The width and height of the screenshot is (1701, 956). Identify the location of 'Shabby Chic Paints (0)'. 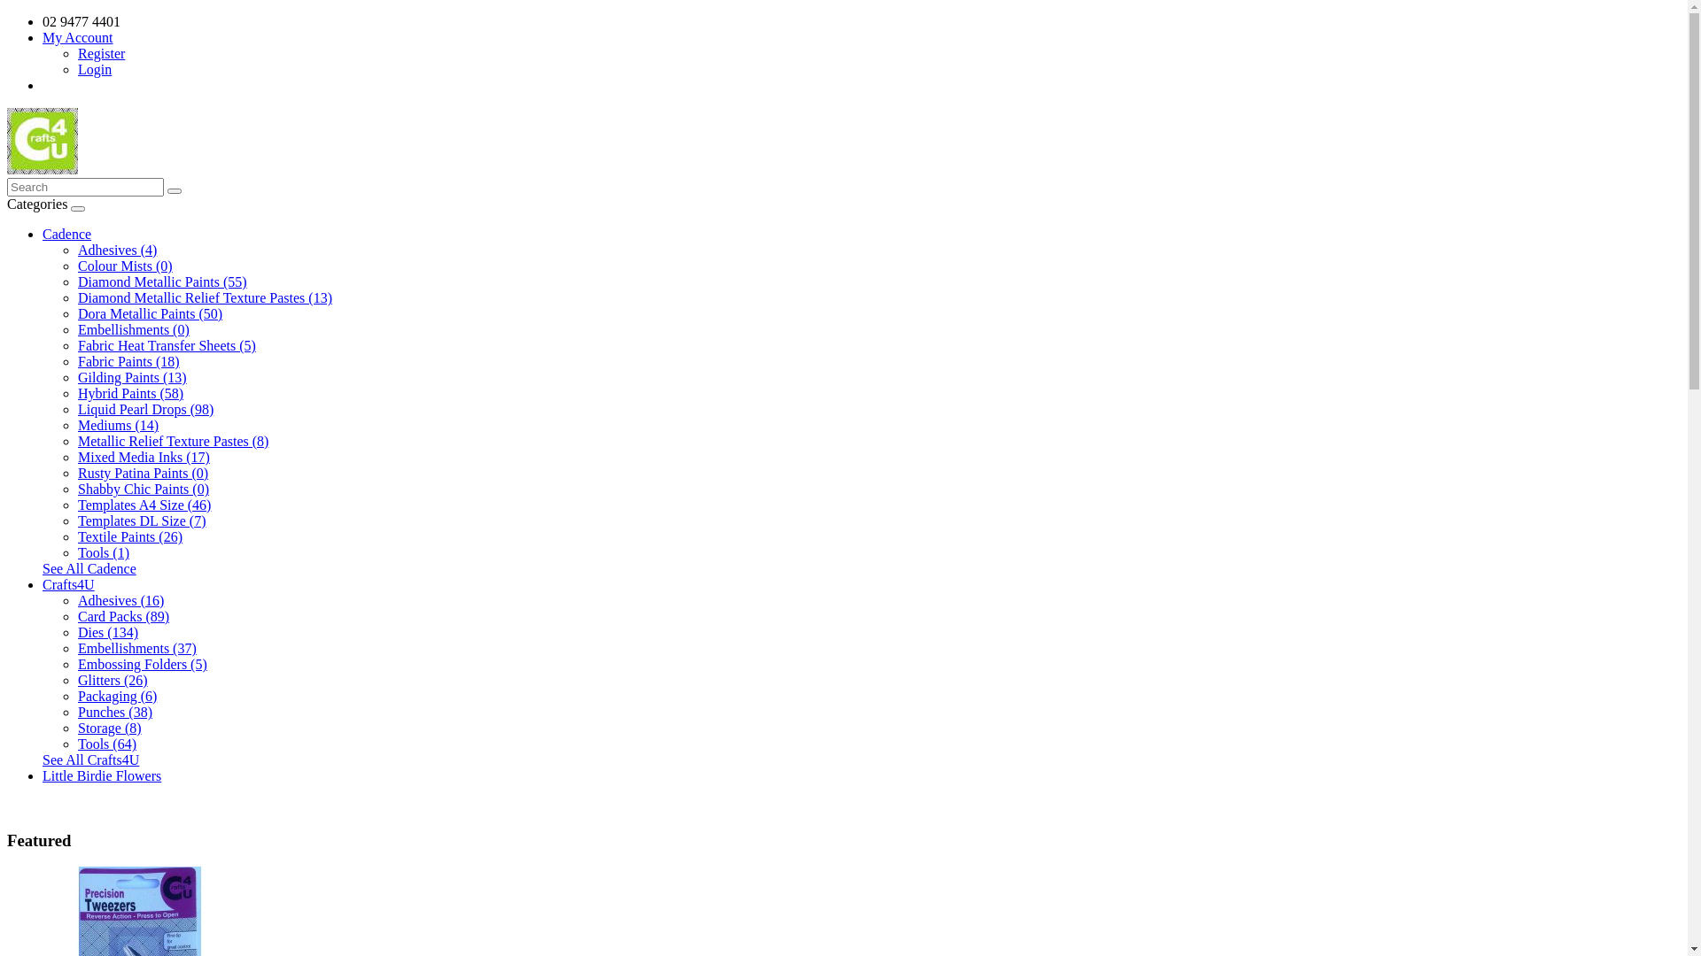
(144, 489).